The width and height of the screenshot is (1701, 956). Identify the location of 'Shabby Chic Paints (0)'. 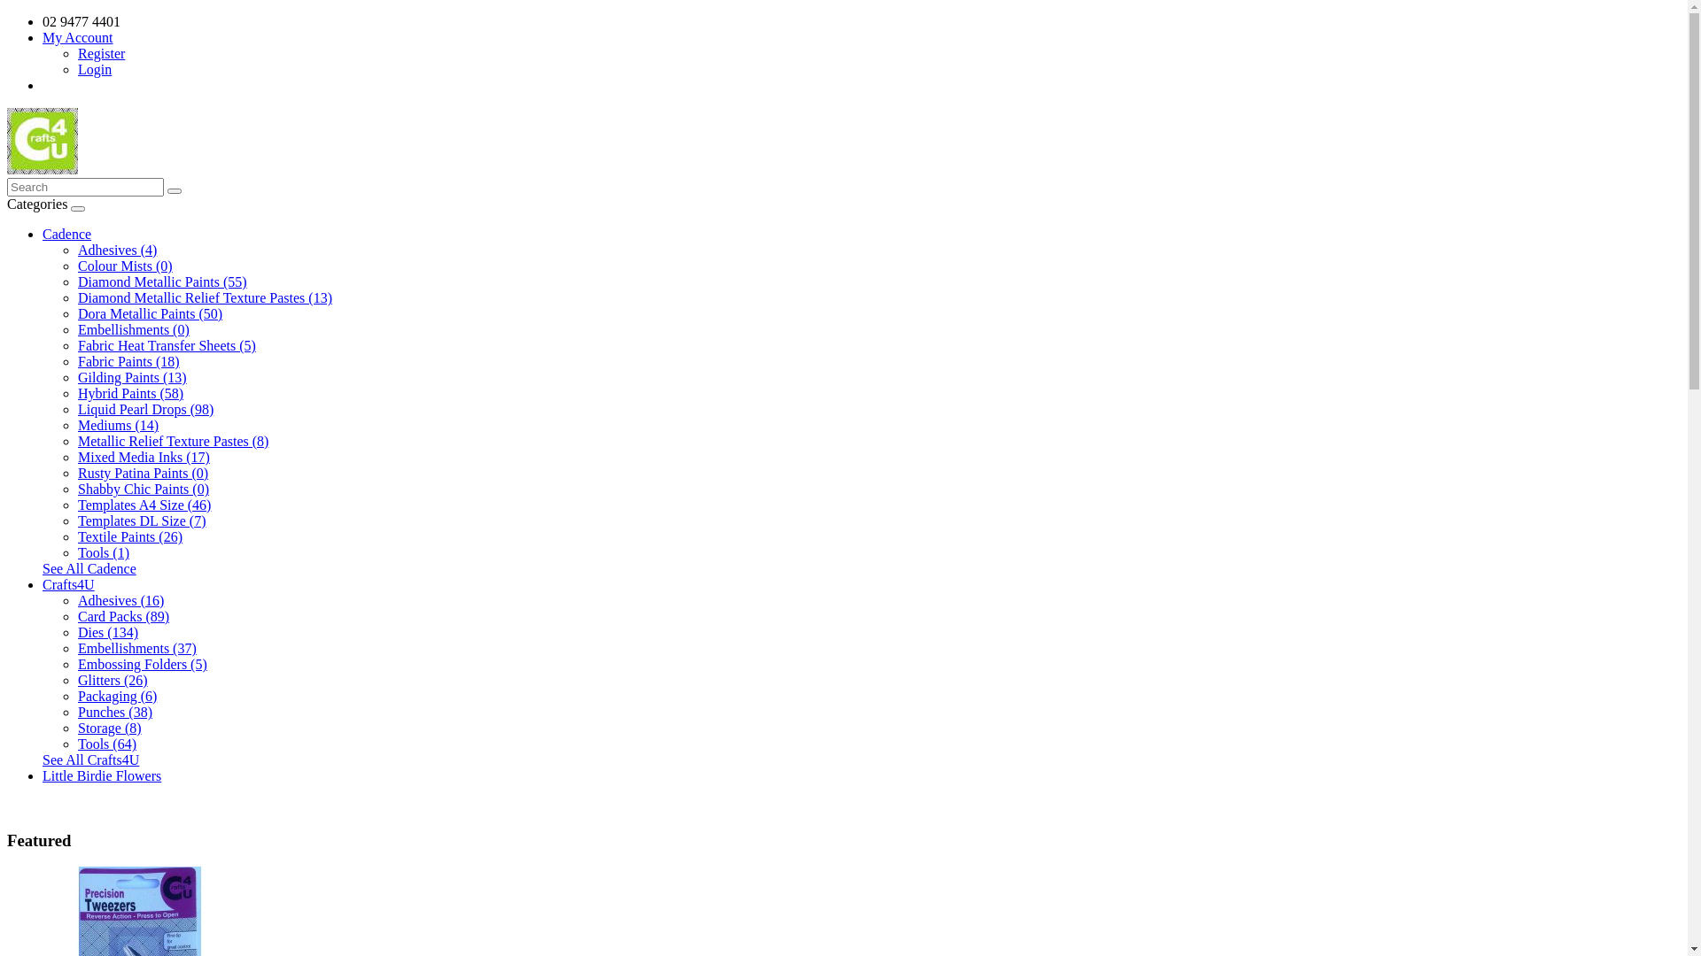
(144, 489).